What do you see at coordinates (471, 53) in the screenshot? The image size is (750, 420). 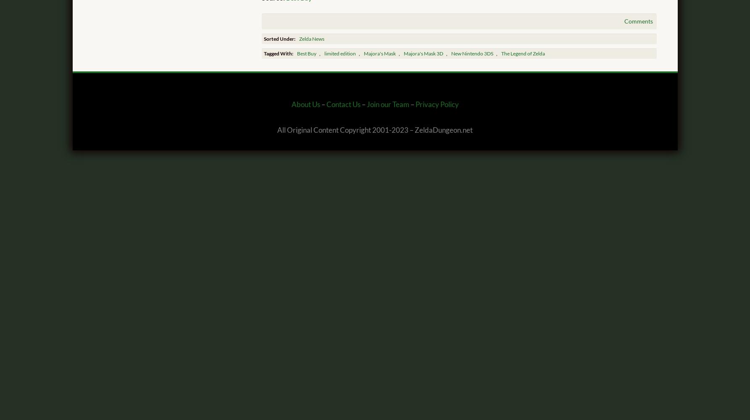 I see `'New Nintendo 3DS'` at bounding box center [471, 53].